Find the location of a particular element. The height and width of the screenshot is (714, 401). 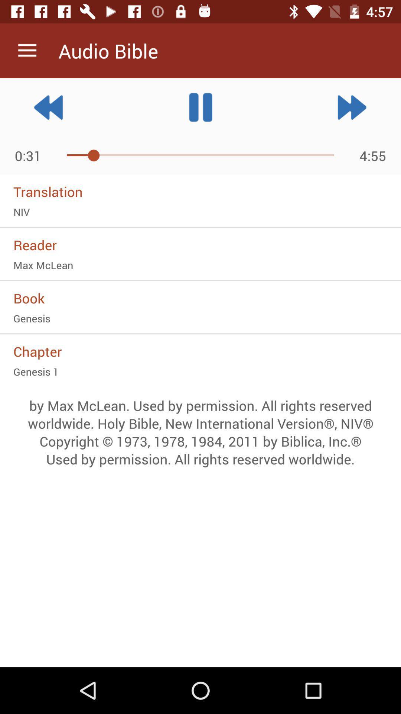

item above genesis 1 item is located at coordinates (200, 351).